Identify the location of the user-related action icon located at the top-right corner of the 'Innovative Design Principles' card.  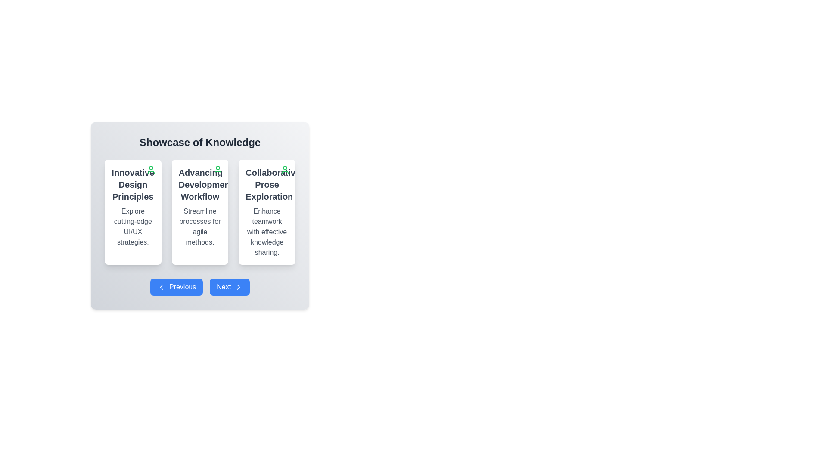
(151, 170).